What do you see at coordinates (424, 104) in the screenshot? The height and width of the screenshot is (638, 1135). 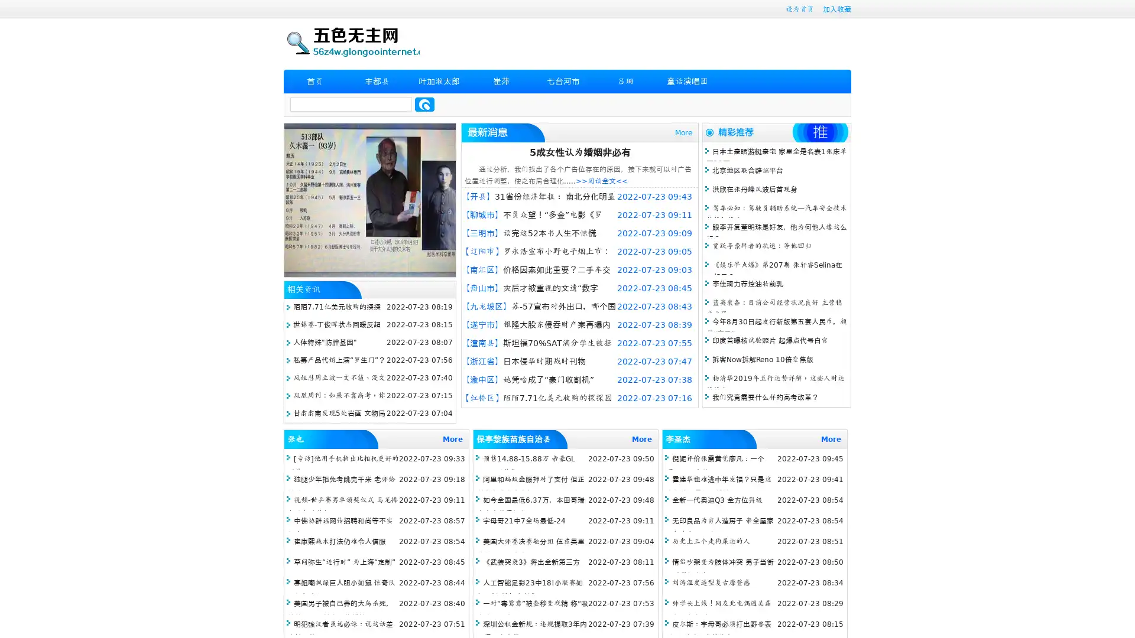 I see `Search` at bounding box center [424, 104].